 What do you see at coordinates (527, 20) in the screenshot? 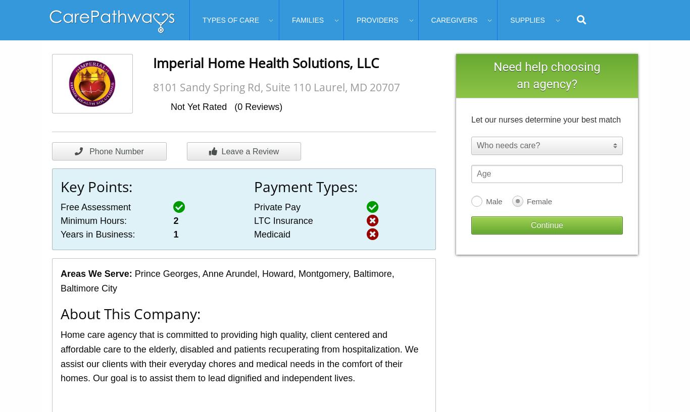
I see `'Supplies'` at bounding box center [527, 20].